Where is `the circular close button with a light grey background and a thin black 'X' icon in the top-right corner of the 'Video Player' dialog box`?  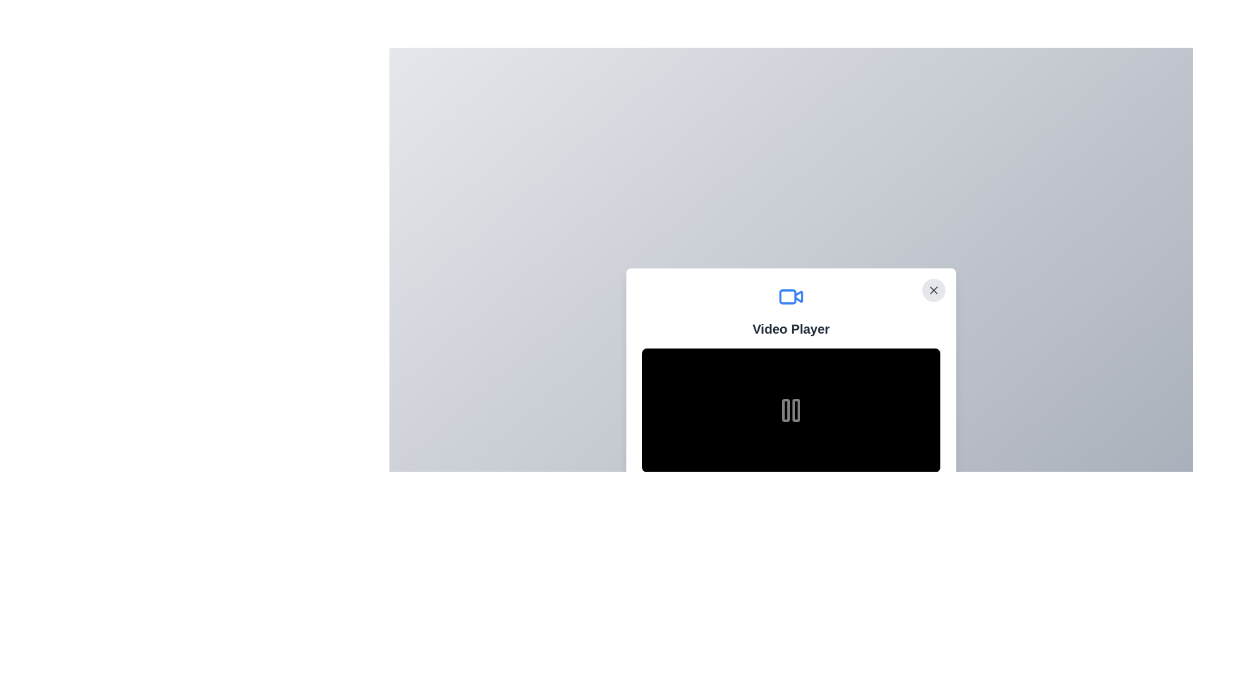
the circular close button with a light grey background and a thin black 'X' icon in the top-right corner of the 'Video Player' dialog box is located at coordinates (933, 290).